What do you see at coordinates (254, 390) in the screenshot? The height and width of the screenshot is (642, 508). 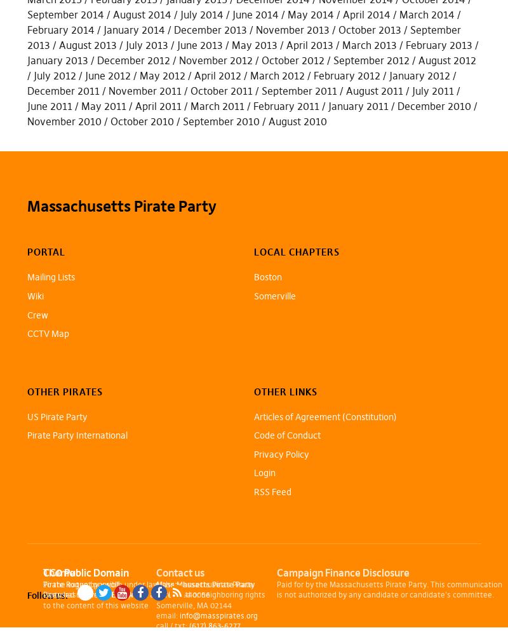 I see `'Other Links'` at bounding box center [254, 390].